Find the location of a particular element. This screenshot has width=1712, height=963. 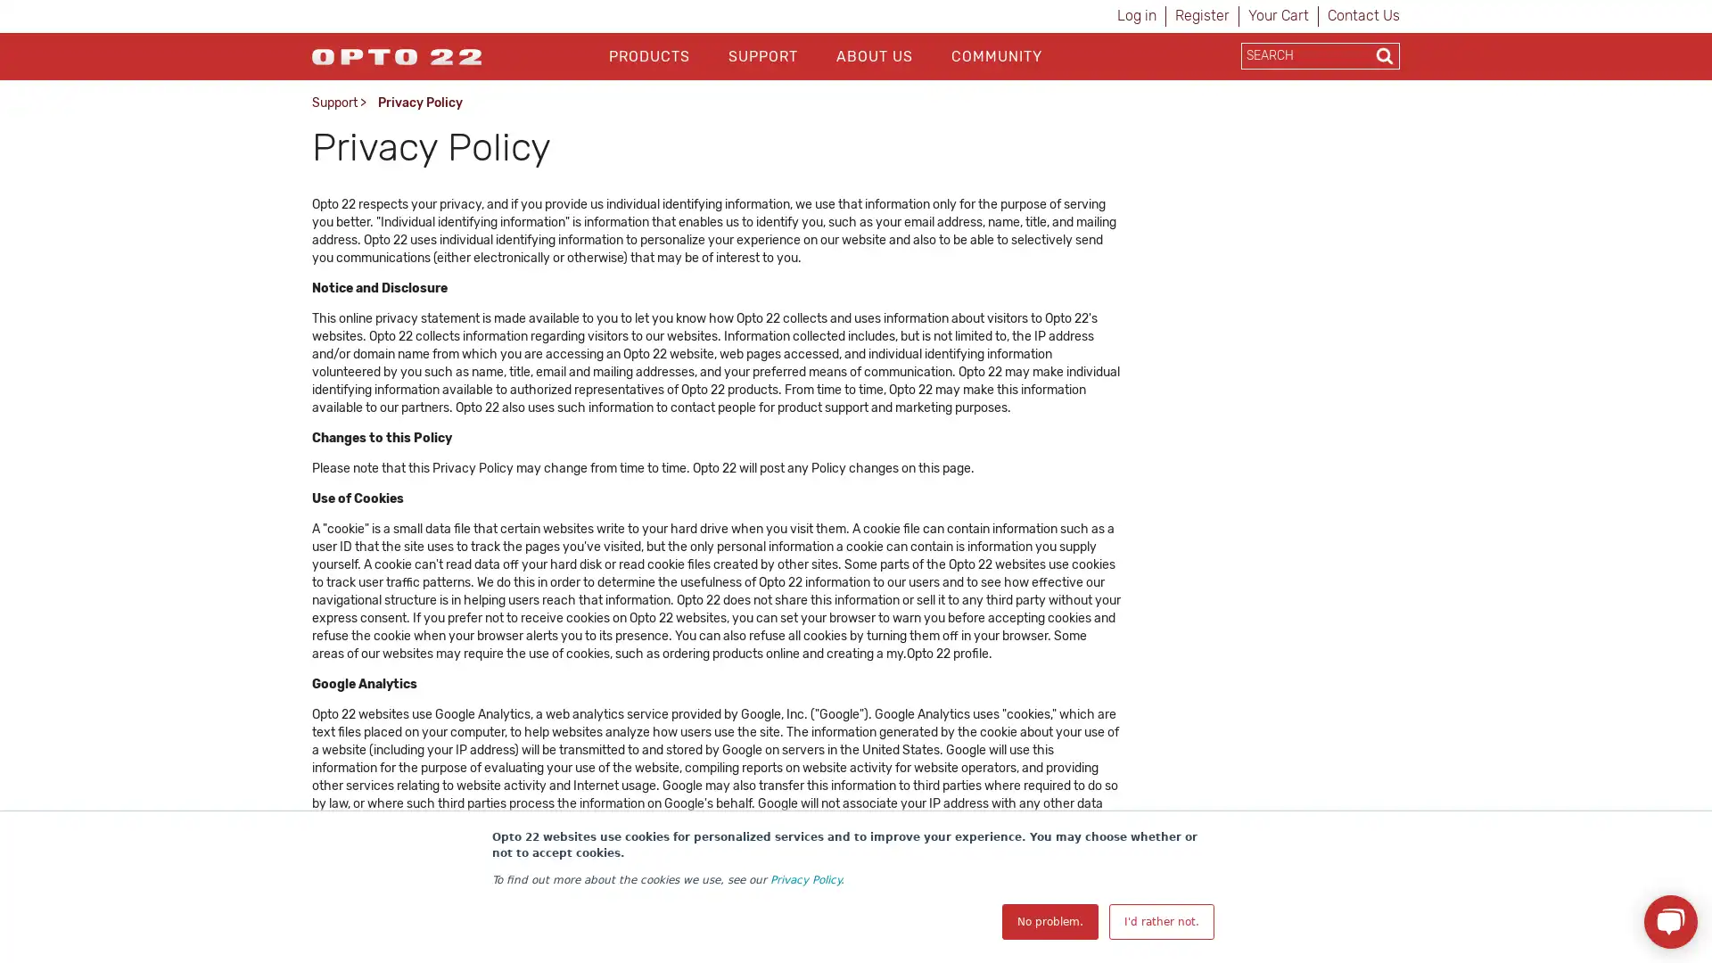

I'd rather not. is located at coordinates (1161, 921).